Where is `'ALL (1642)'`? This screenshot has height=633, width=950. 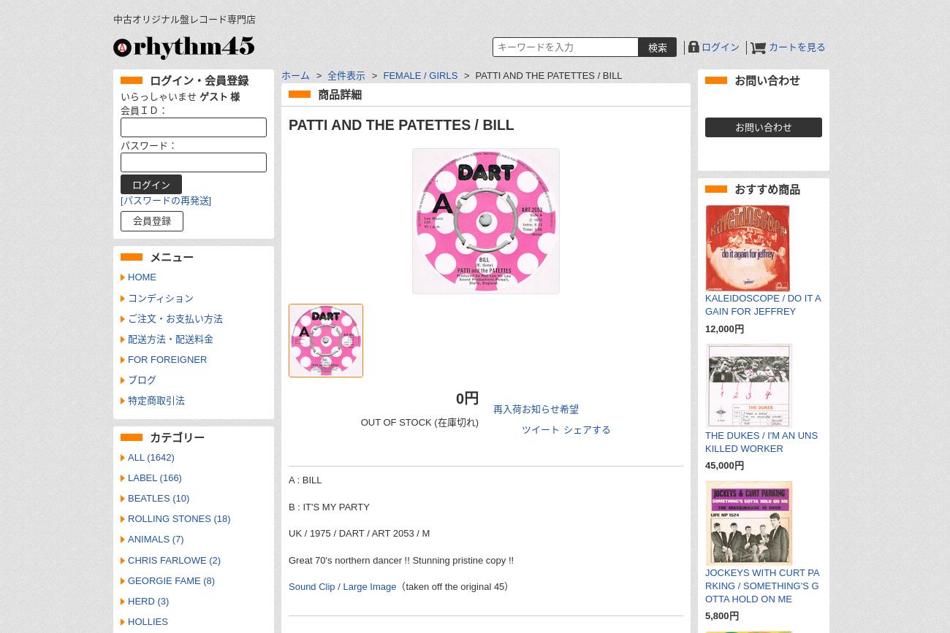 'ALL (1642)' is located at coordinates (151, 456).